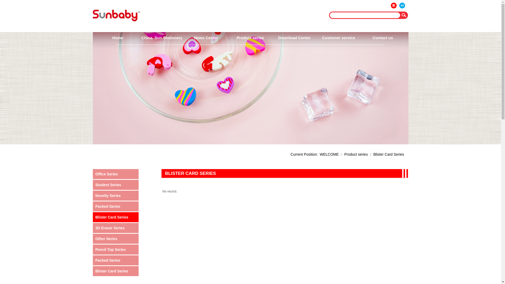 The width and height of the screenshot is (505, 284). What do you see at coordinates (338, 37) in the screenshot?
I see `'Customer service'` at bounding box center [338, 37].